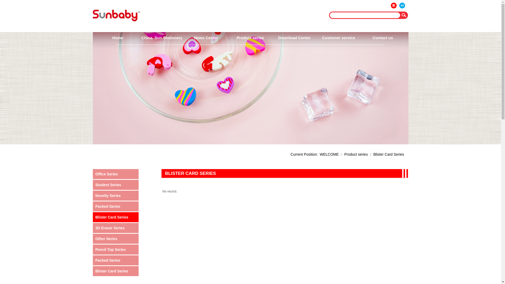 The width and height of the screenshot is (505, 284). What do you see at coordinates (338, 37) in the screenshot?
I see `'Customer service'` at bounding box center [338, 37].